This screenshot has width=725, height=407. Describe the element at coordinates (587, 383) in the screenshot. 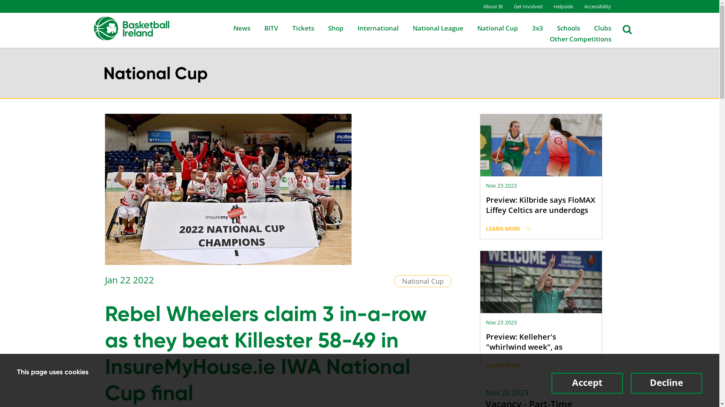

I see `'Accept'` at that location.